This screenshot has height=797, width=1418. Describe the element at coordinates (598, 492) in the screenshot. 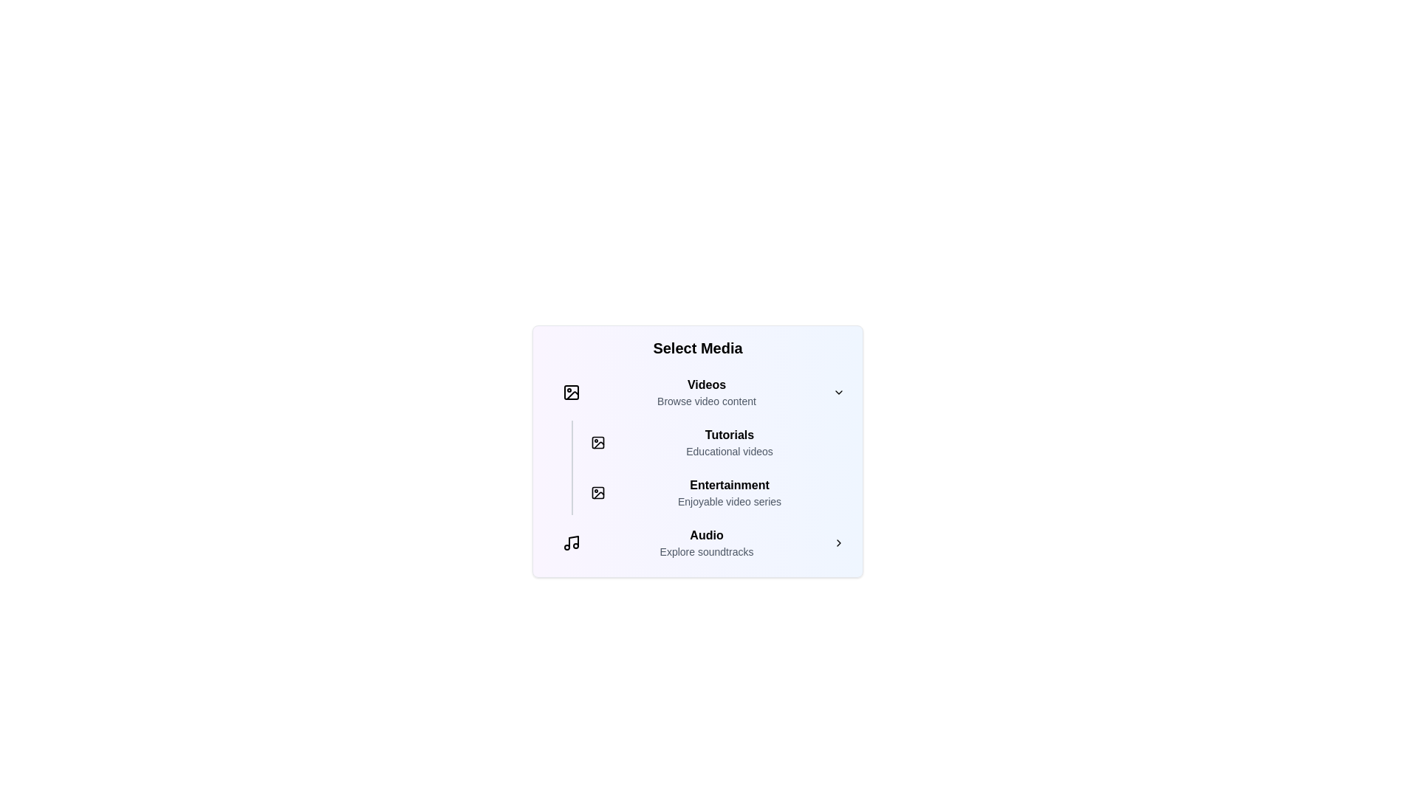

I see `the entertainment category icon located in the third row of the Select Media panel for arranging` at that location.